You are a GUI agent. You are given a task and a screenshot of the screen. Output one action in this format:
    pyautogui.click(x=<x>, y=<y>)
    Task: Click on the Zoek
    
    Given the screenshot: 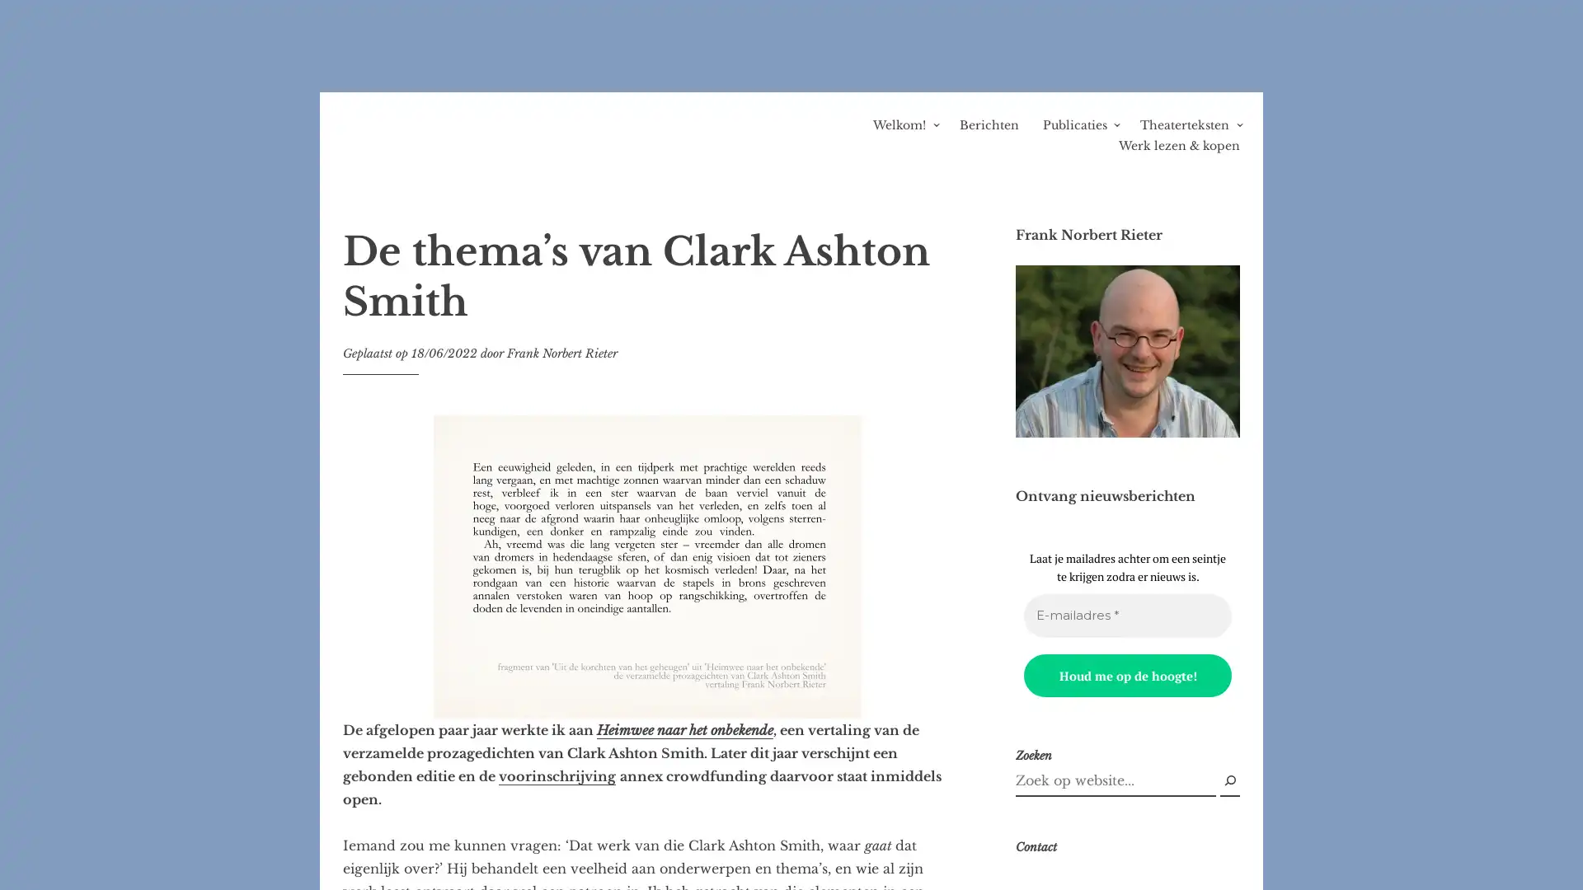 What is the action you would take?
    pyautogui.click(x=1230, y=780)
    